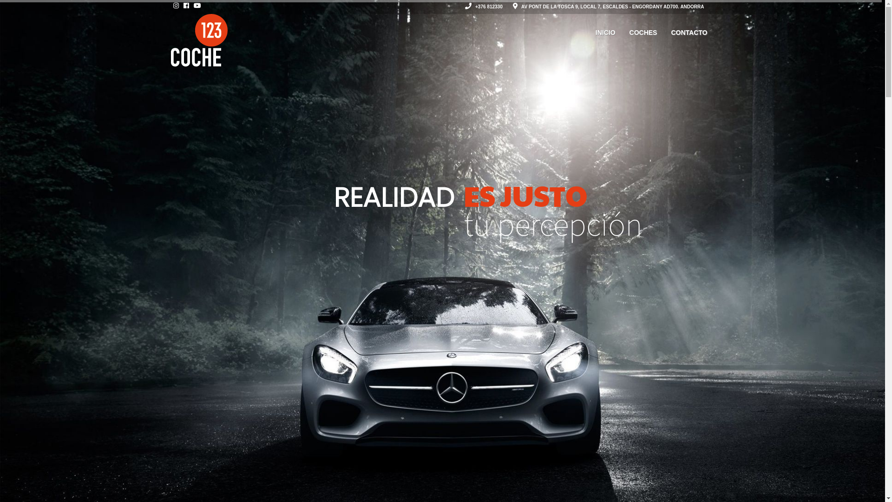 This screenshot has width=892, height=502. What do you see at coordinates (622, 32) in the screenshot?
I see `'COCHES'` at bounding box center [622, 32].